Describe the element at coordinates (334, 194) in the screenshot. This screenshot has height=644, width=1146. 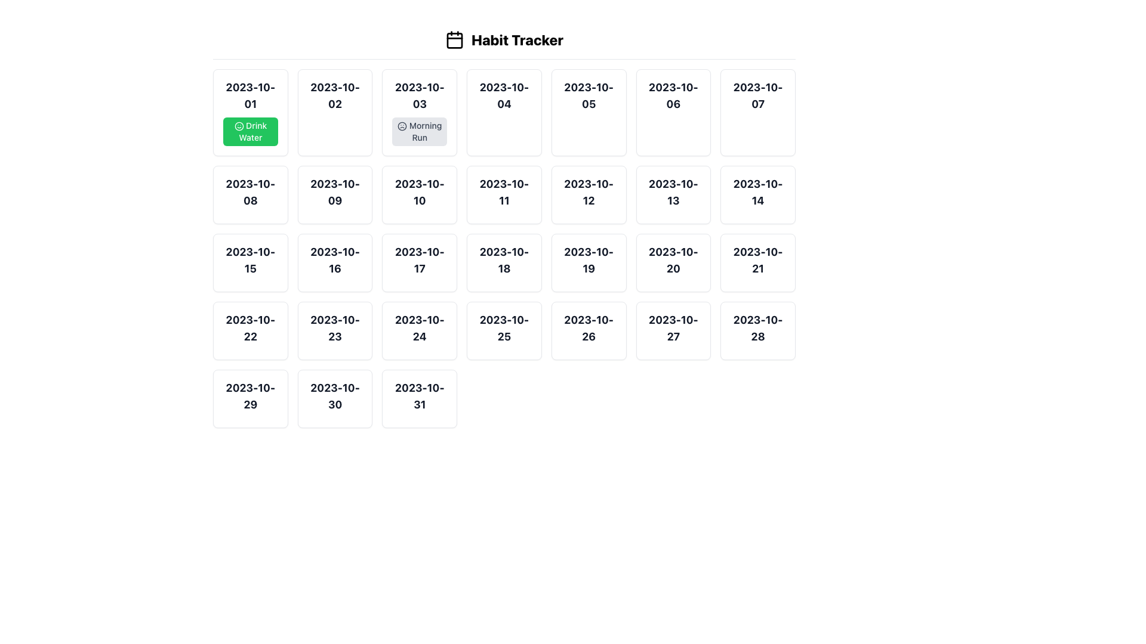
I see `the Informative block displaying the date '2023-10-09', which is a rectangular block with a white background and rounded corners located in the fourth column of the second row in the grid` at that location.